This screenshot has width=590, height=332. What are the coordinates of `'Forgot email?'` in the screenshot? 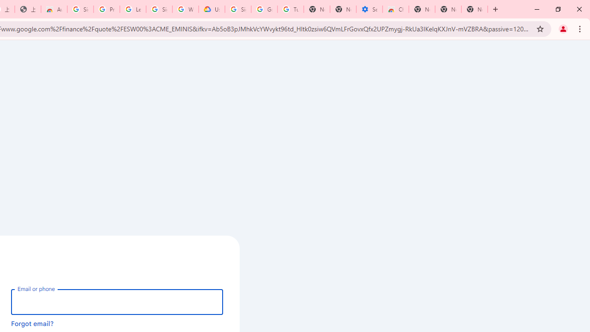 It's located at (32, 323).